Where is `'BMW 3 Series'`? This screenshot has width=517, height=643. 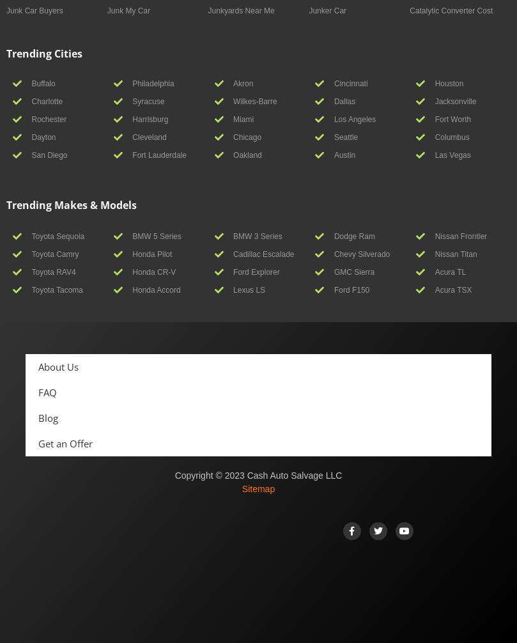 'BMW 3 Series' is located at coordinates (257, 235).